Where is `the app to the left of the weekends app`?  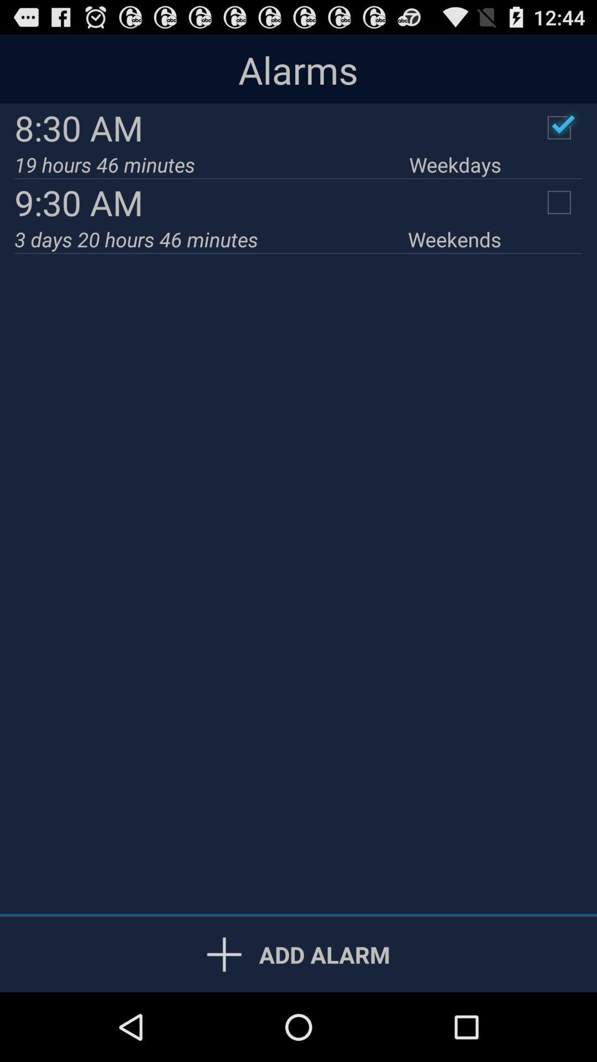
the app to the left of the weekends app is located at coordinates (211, 238).